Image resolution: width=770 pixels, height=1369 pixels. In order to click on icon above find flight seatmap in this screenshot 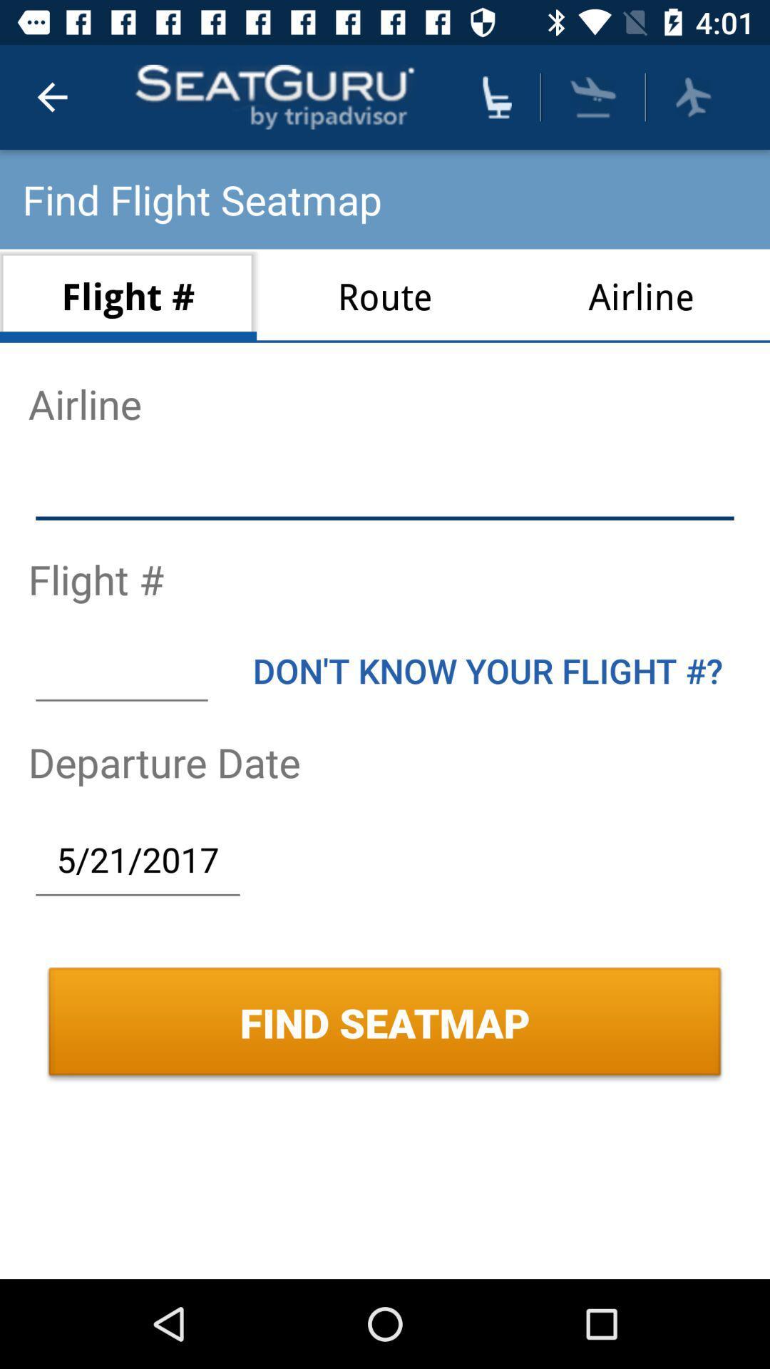, I will do `click(51, 96)`.